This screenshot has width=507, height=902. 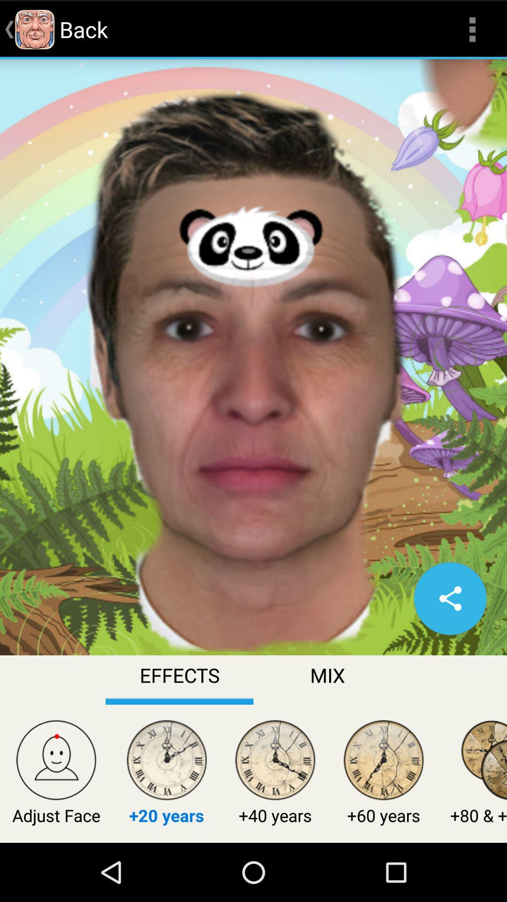 I want to click on the button left to mix, so click(x=179, y=680).